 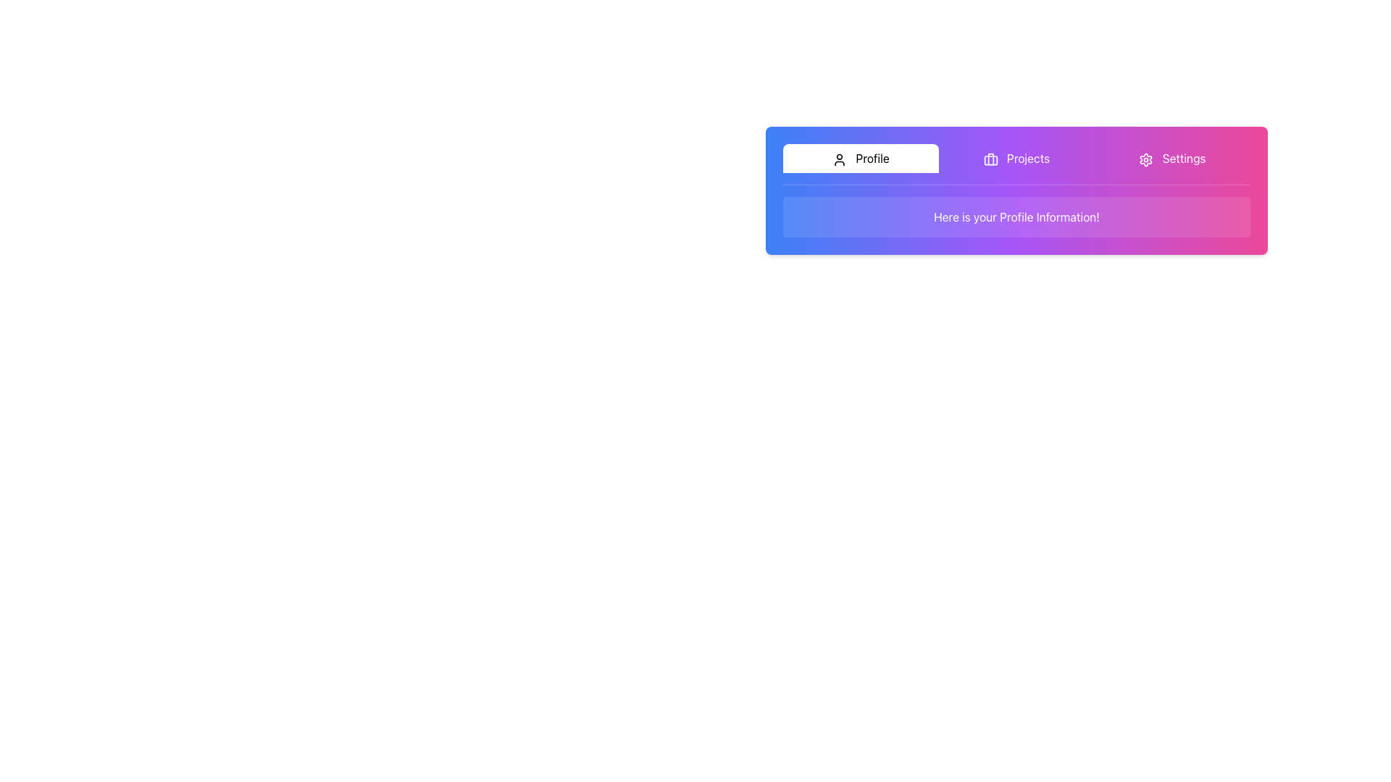 I want to click on the settings icon, which is a gear-shaped icon with a pinkish gradient located at the top-right corner of the interface in the navigation bar, so click(x=1145, y=159).